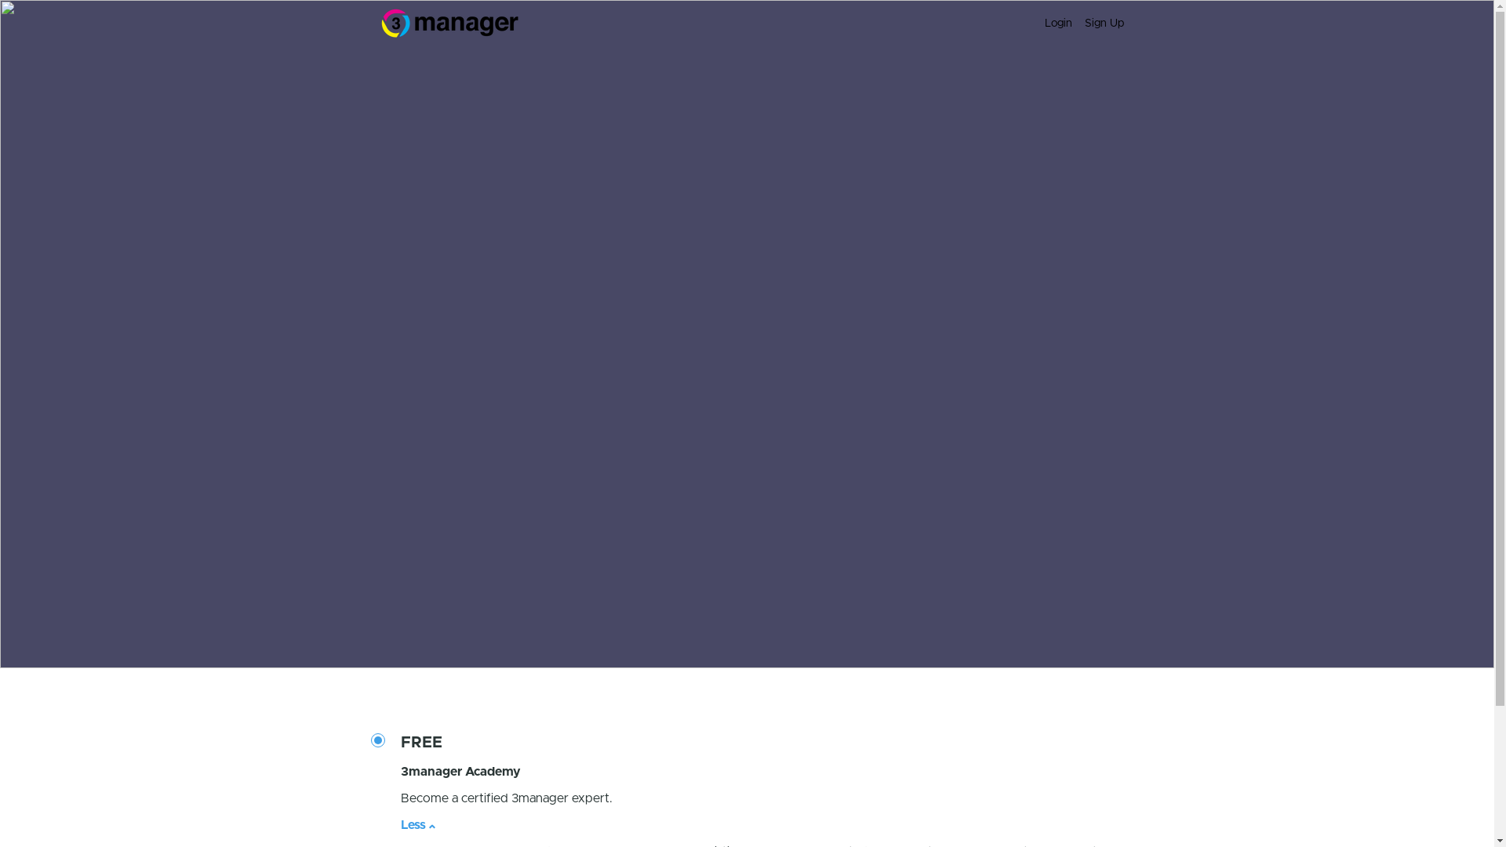 This screenshot has height=847, width=1506. What do you see at coordinates (1102, 24) in the screenshot?
I see `'Sign Up'` at bounding box center [1102, 24].